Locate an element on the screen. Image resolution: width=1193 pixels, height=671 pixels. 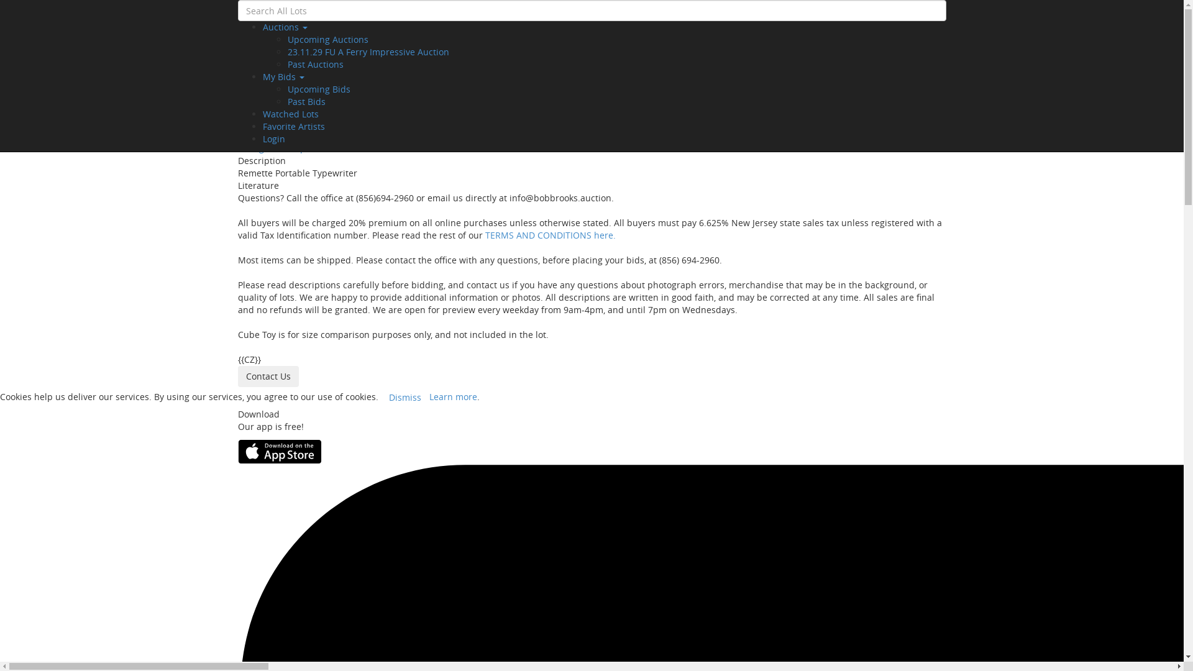
'Upcoming Bids' is located at coordinates (318, 88).